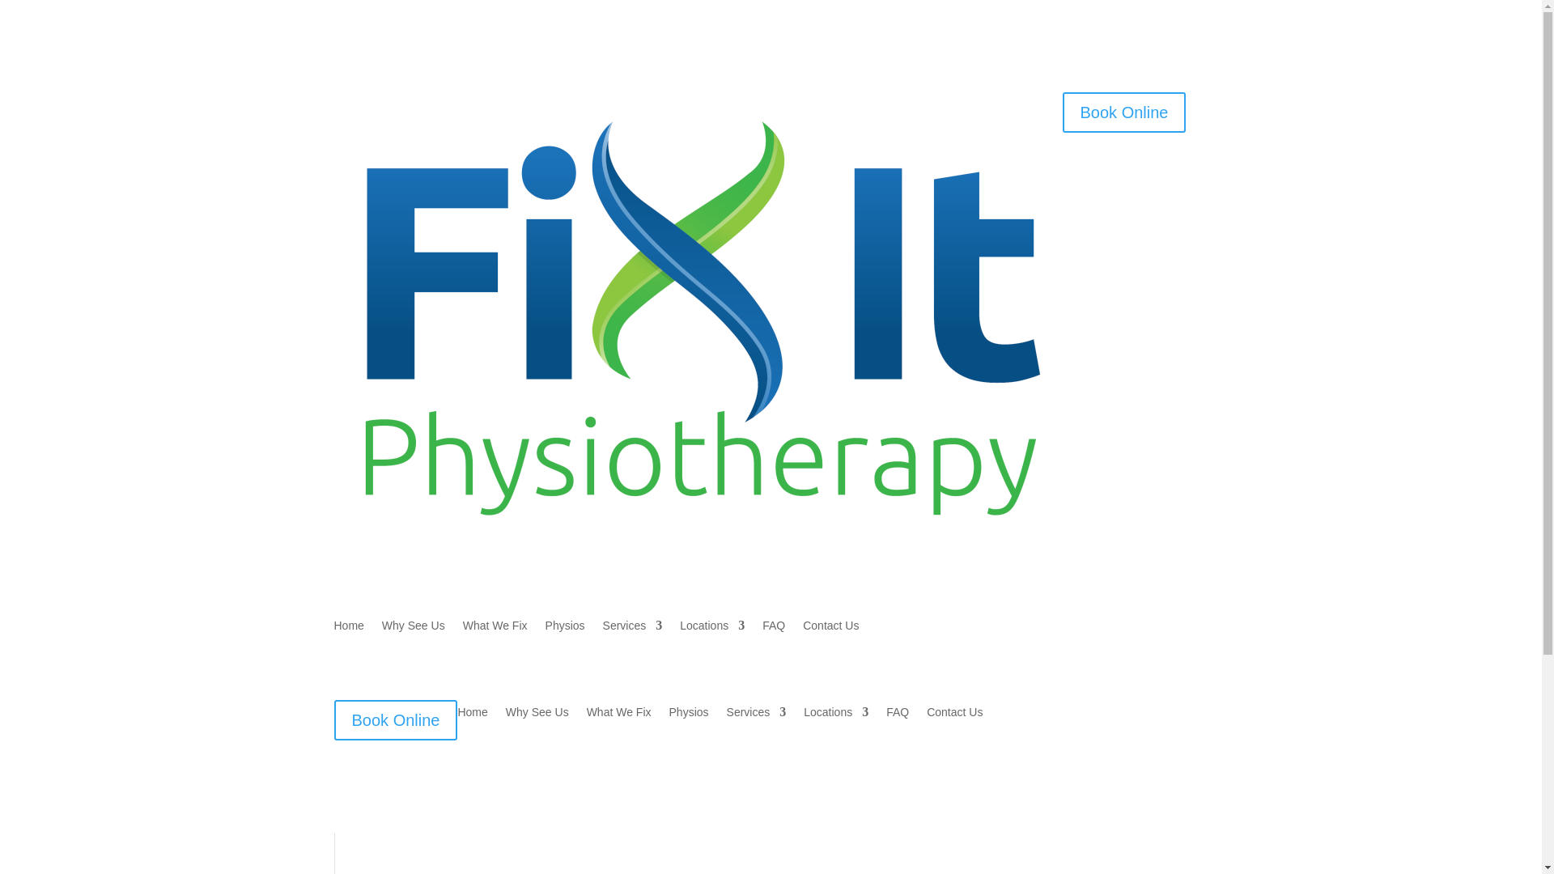 This screenshot has height=874, width=1554. Describe the element at coordinates (689, 714) in the screenshot. I see `'Physios'` at that location.